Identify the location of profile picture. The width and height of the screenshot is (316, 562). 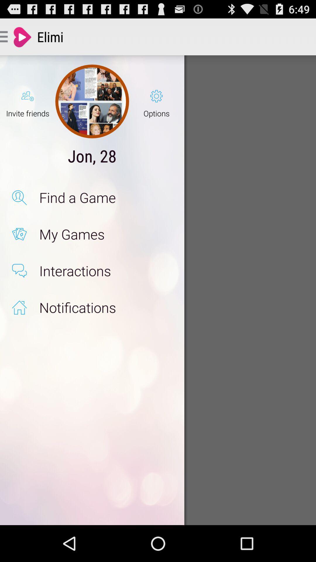
(92, 101).